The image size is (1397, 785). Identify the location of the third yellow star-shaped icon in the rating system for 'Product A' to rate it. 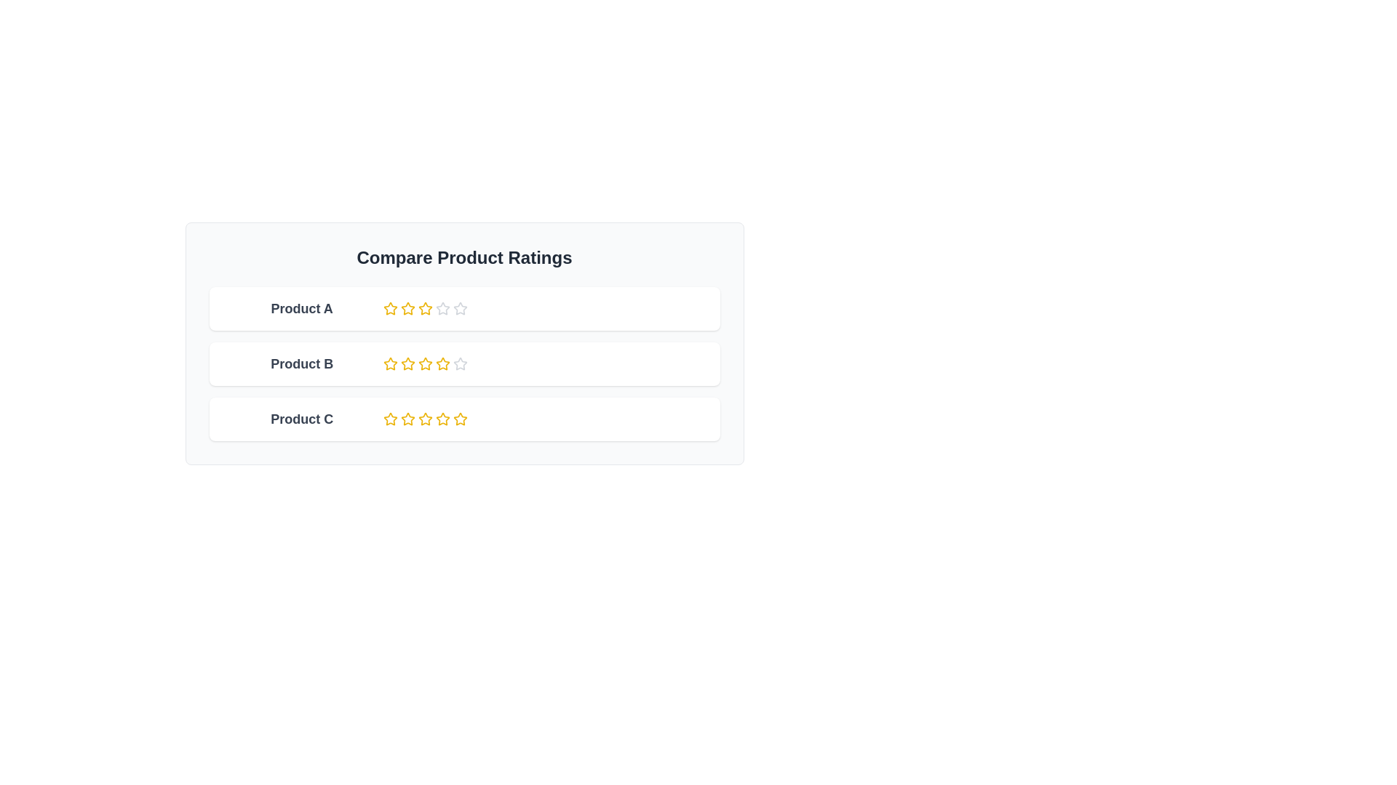
(407, 307).